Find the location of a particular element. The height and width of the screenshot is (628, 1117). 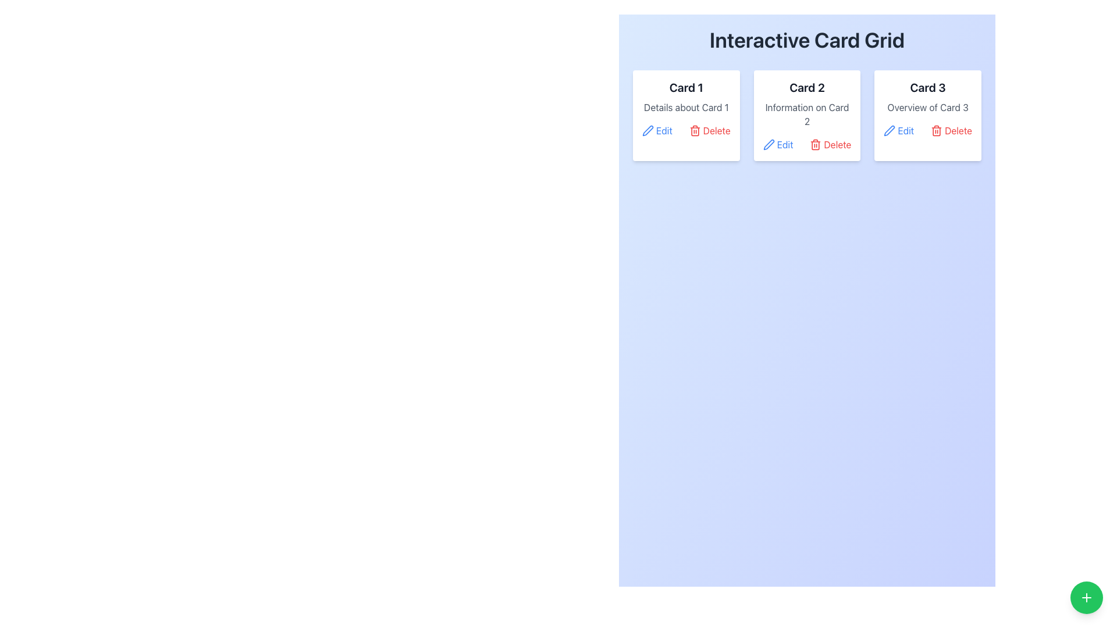

the 'Card 1' text label, which is prominently displayed at the top center of the card layout, to understand its association with the card or its functions is located at coordinates (686, 87).